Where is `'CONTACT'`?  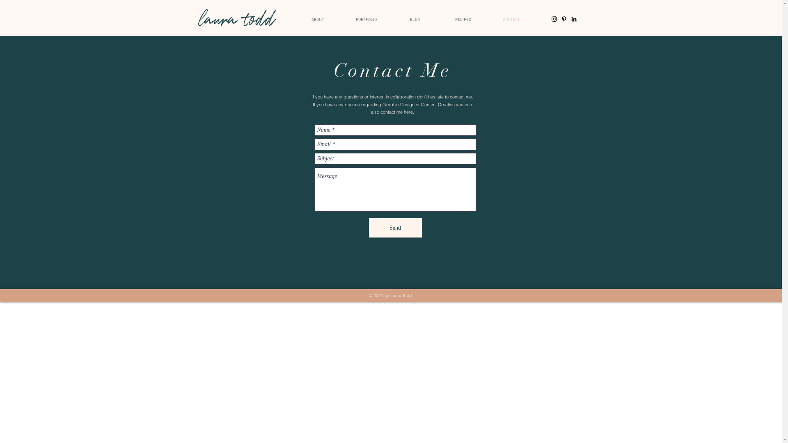 'CONTACT' is located at coordinates (511, 18).